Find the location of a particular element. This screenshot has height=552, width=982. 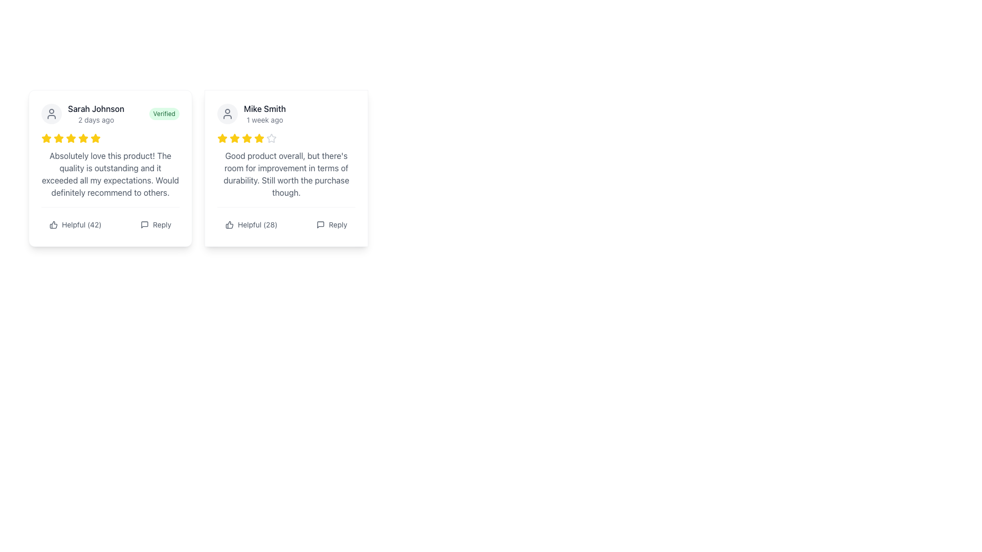

the thumbs-up icon located in the bottom-left section of the second user comment card, characterized by its dark gray or black outline and minimalist design is located at coordinates (229, 224).